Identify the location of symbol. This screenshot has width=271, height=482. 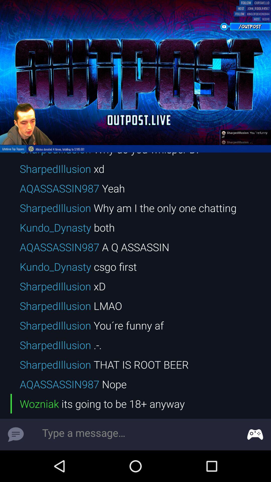
(15, 434).